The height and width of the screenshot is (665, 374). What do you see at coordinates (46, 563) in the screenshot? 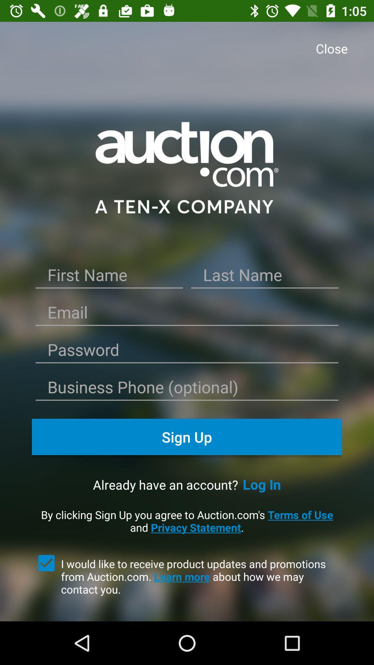
I see `item to the left of i would like item` at bounding box center [46, 563].